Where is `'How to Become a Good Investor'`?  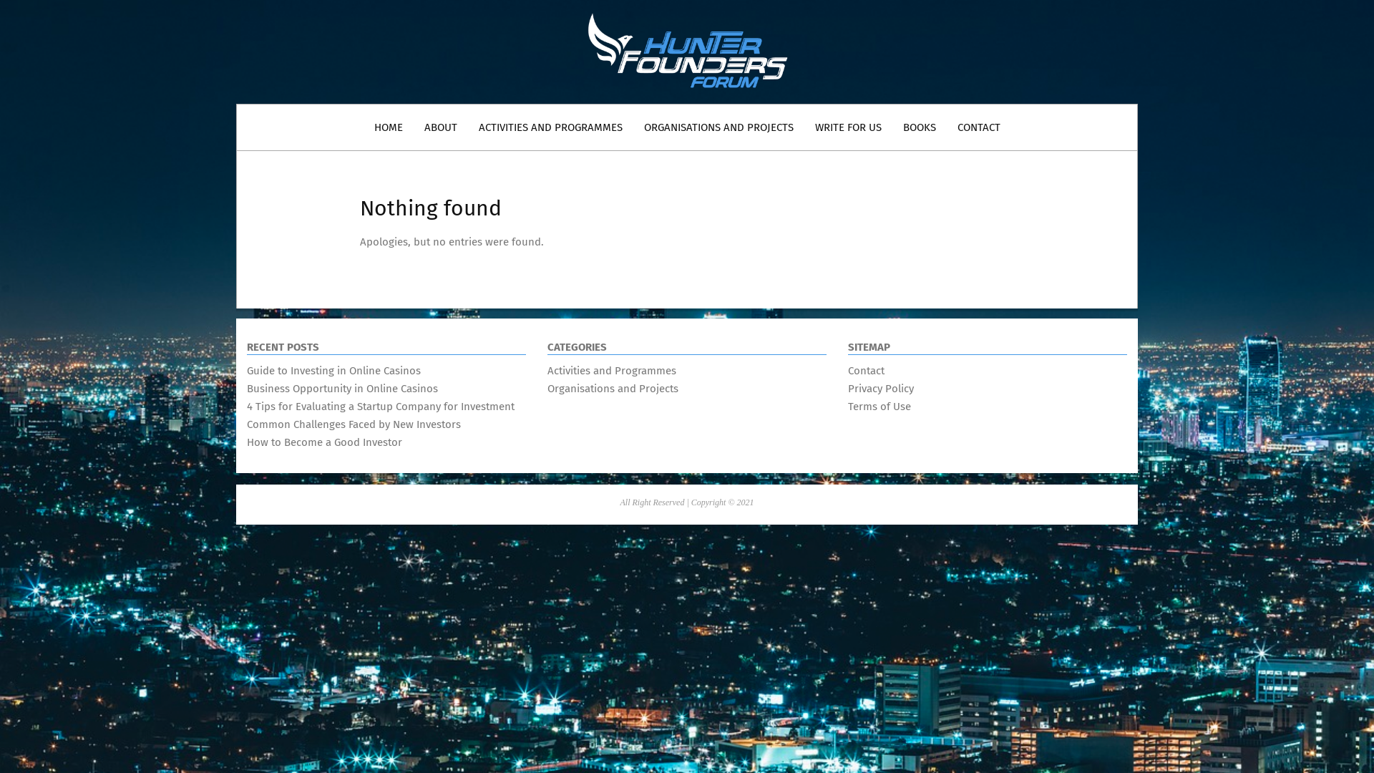 'How to Become a Good Investor' is located at coordinates (247, 441).